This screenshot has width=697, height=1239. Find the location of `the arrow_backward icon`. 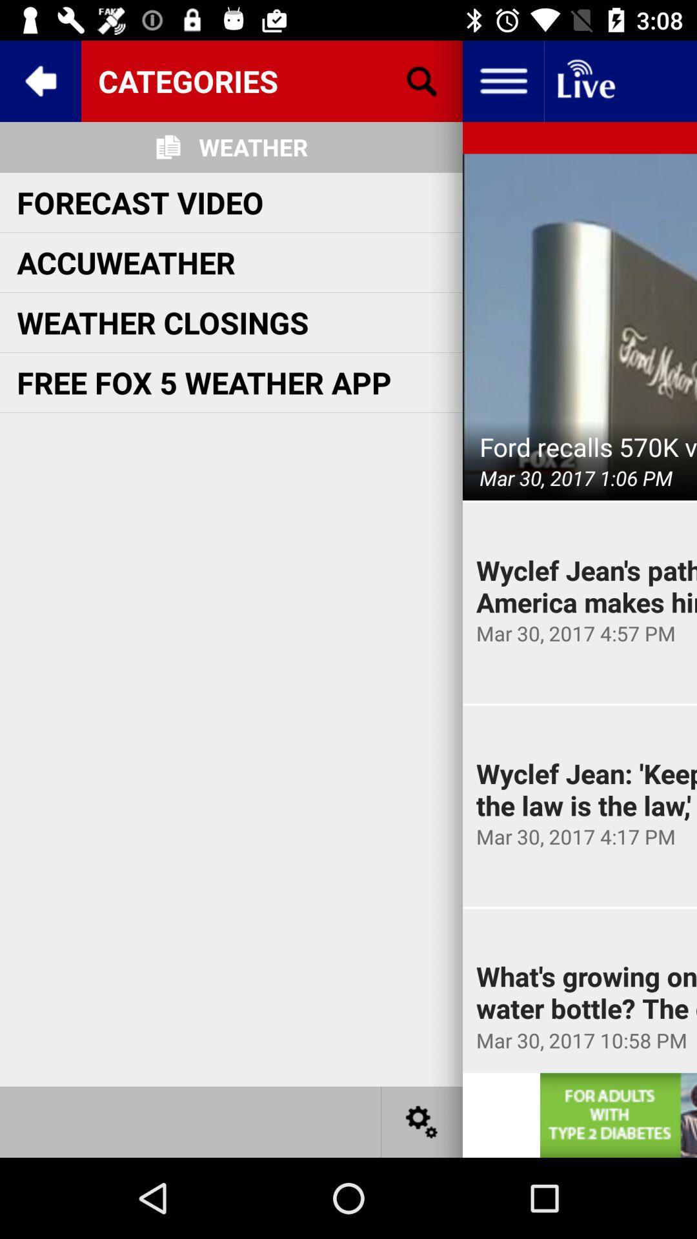

the arrow_backward icon is located at coordinates (39, 80).